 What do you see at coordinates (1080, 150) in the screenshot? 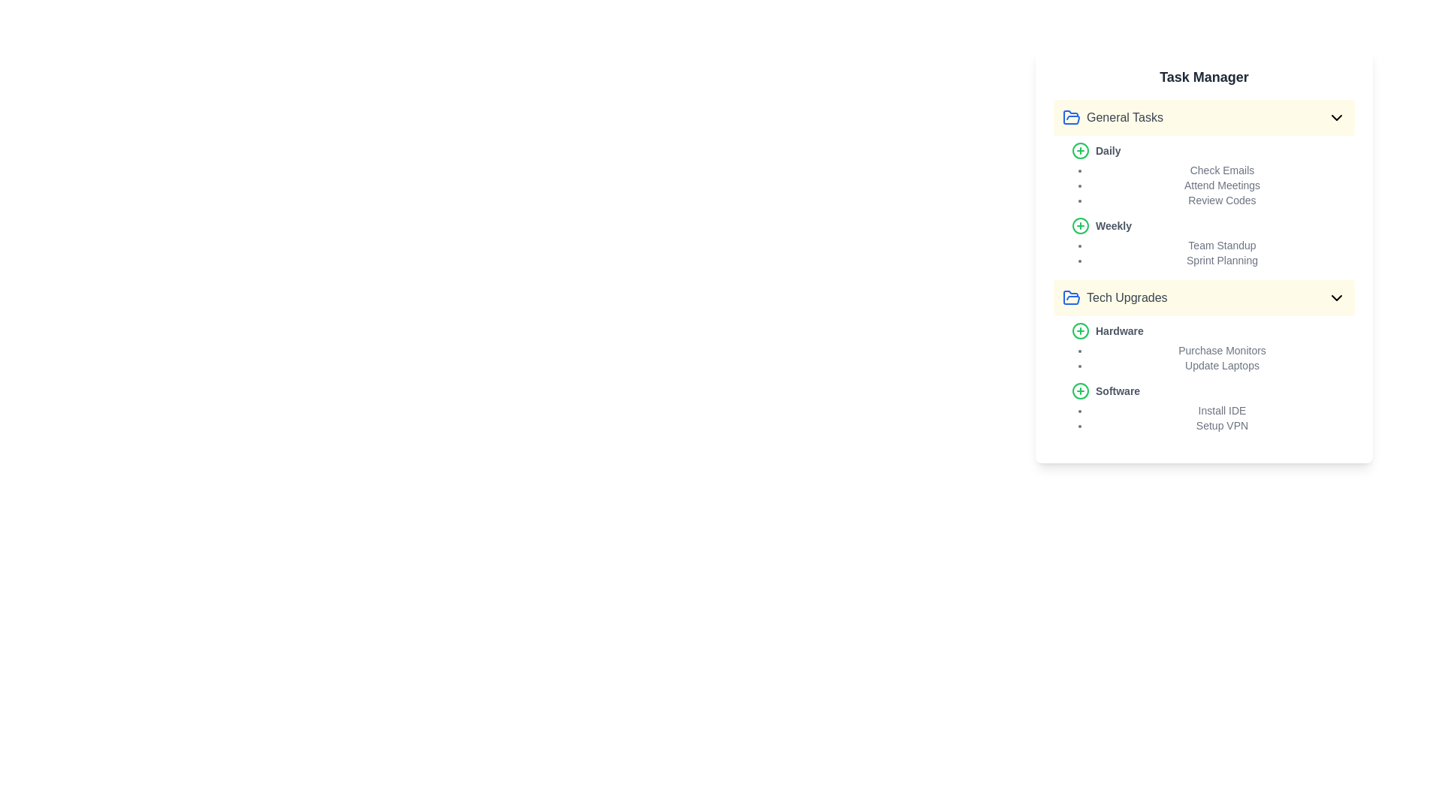
I see `the green circular '+' button located to the left of the 'Daily' text label in the 'General Tasks' section` at bounding box center [1080, 150].